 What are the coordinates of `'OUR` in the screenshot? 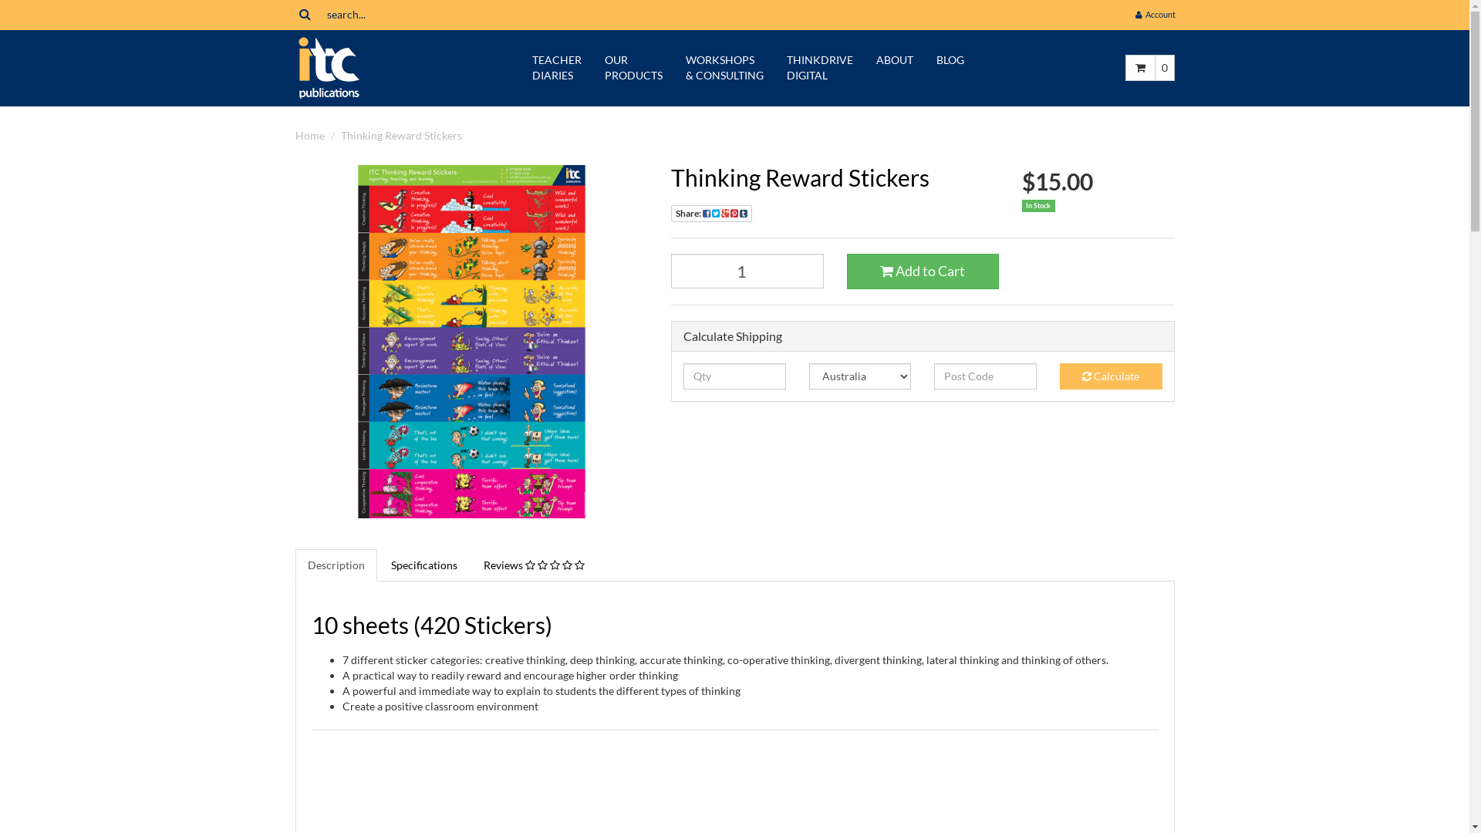 It's located at (633, 67).